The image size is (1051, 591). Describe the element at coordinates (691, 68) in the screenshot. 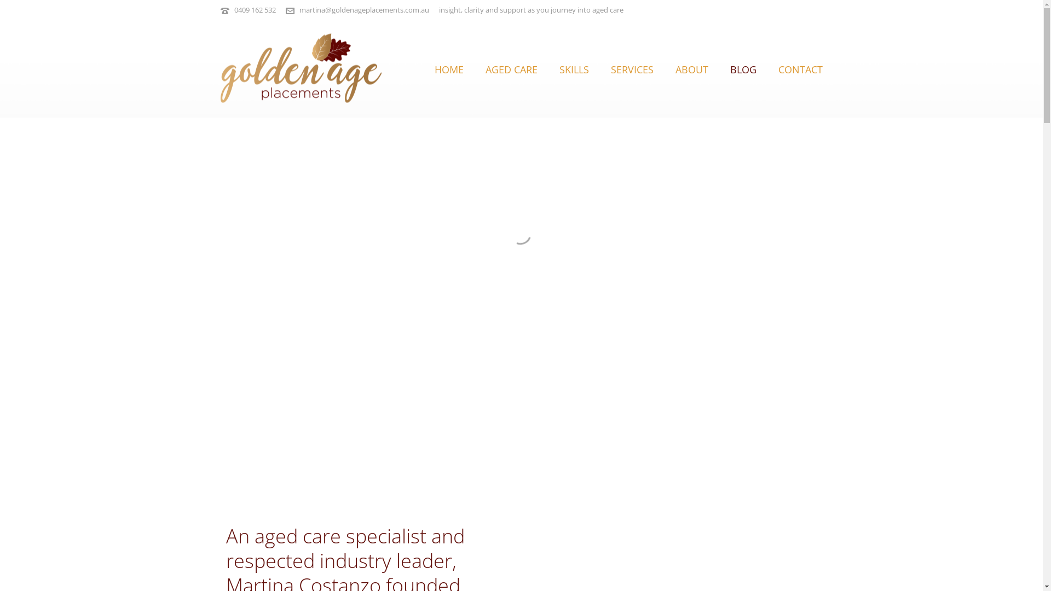

I see `'ABOUT'` at that location.